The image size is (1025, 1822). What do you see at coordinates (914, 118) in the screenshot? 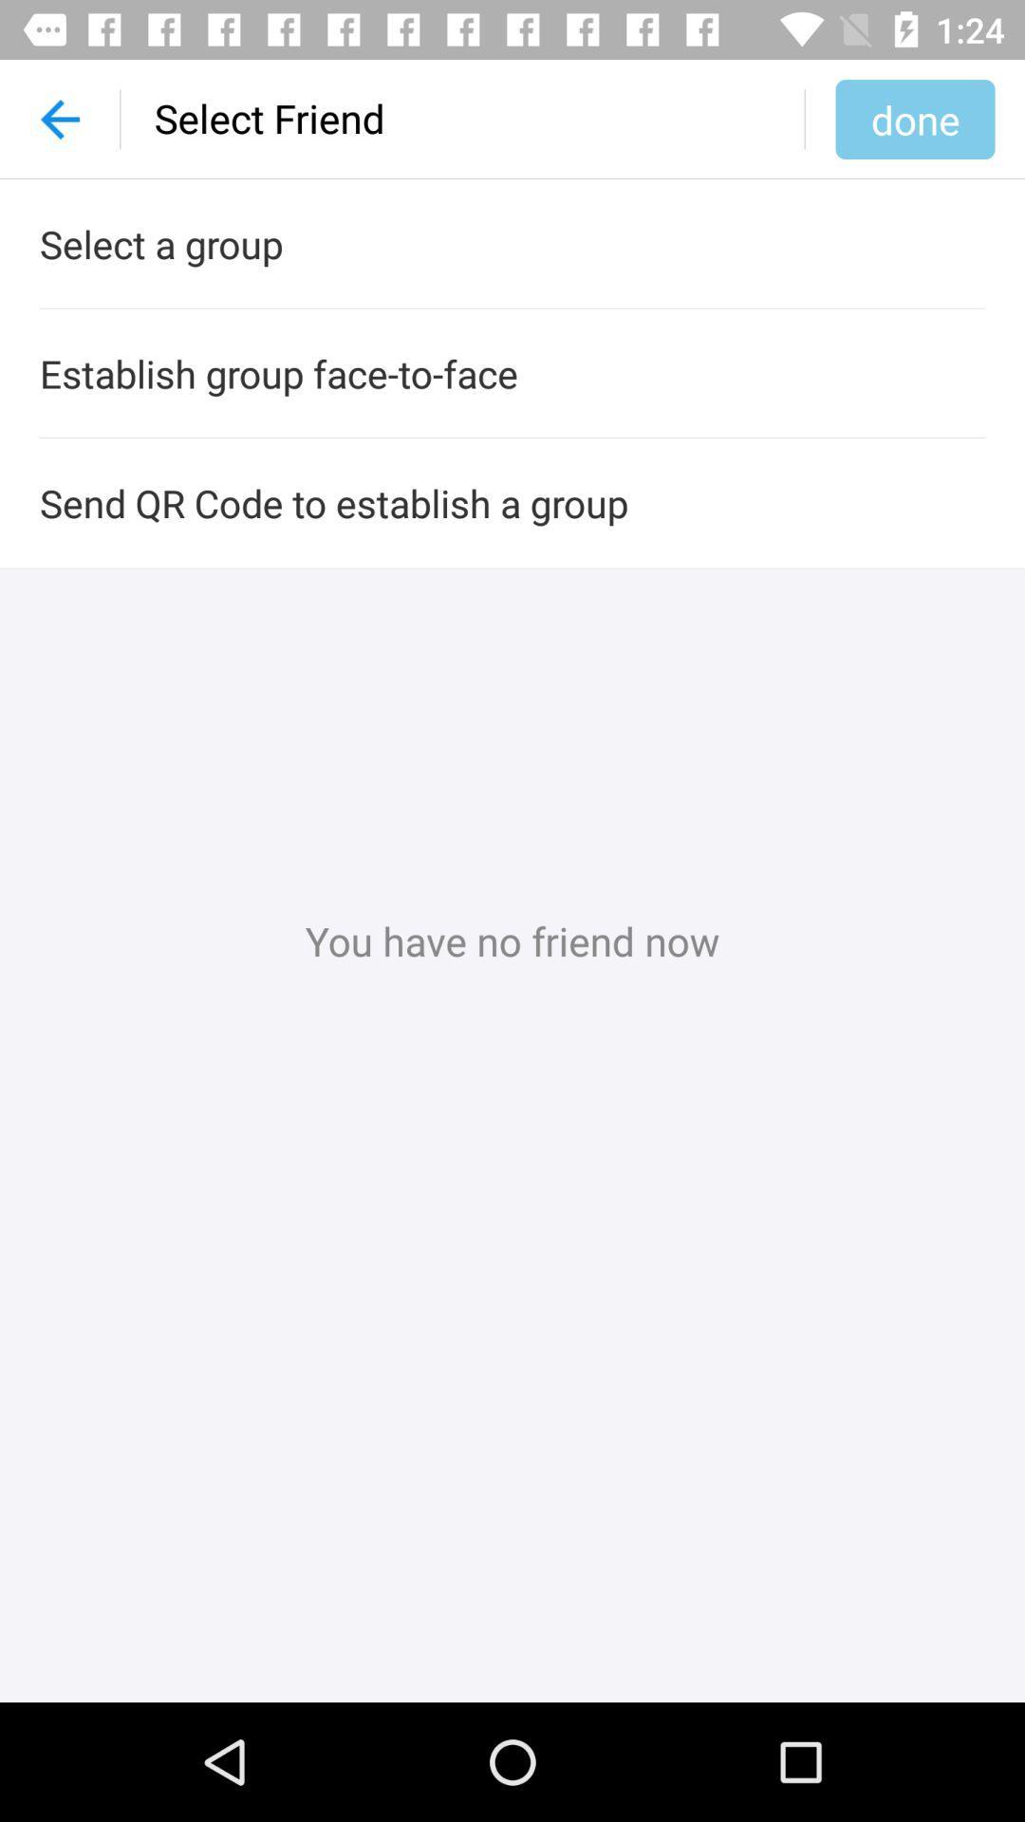
I see `item above select a group item` at bounding box center [914, 118].